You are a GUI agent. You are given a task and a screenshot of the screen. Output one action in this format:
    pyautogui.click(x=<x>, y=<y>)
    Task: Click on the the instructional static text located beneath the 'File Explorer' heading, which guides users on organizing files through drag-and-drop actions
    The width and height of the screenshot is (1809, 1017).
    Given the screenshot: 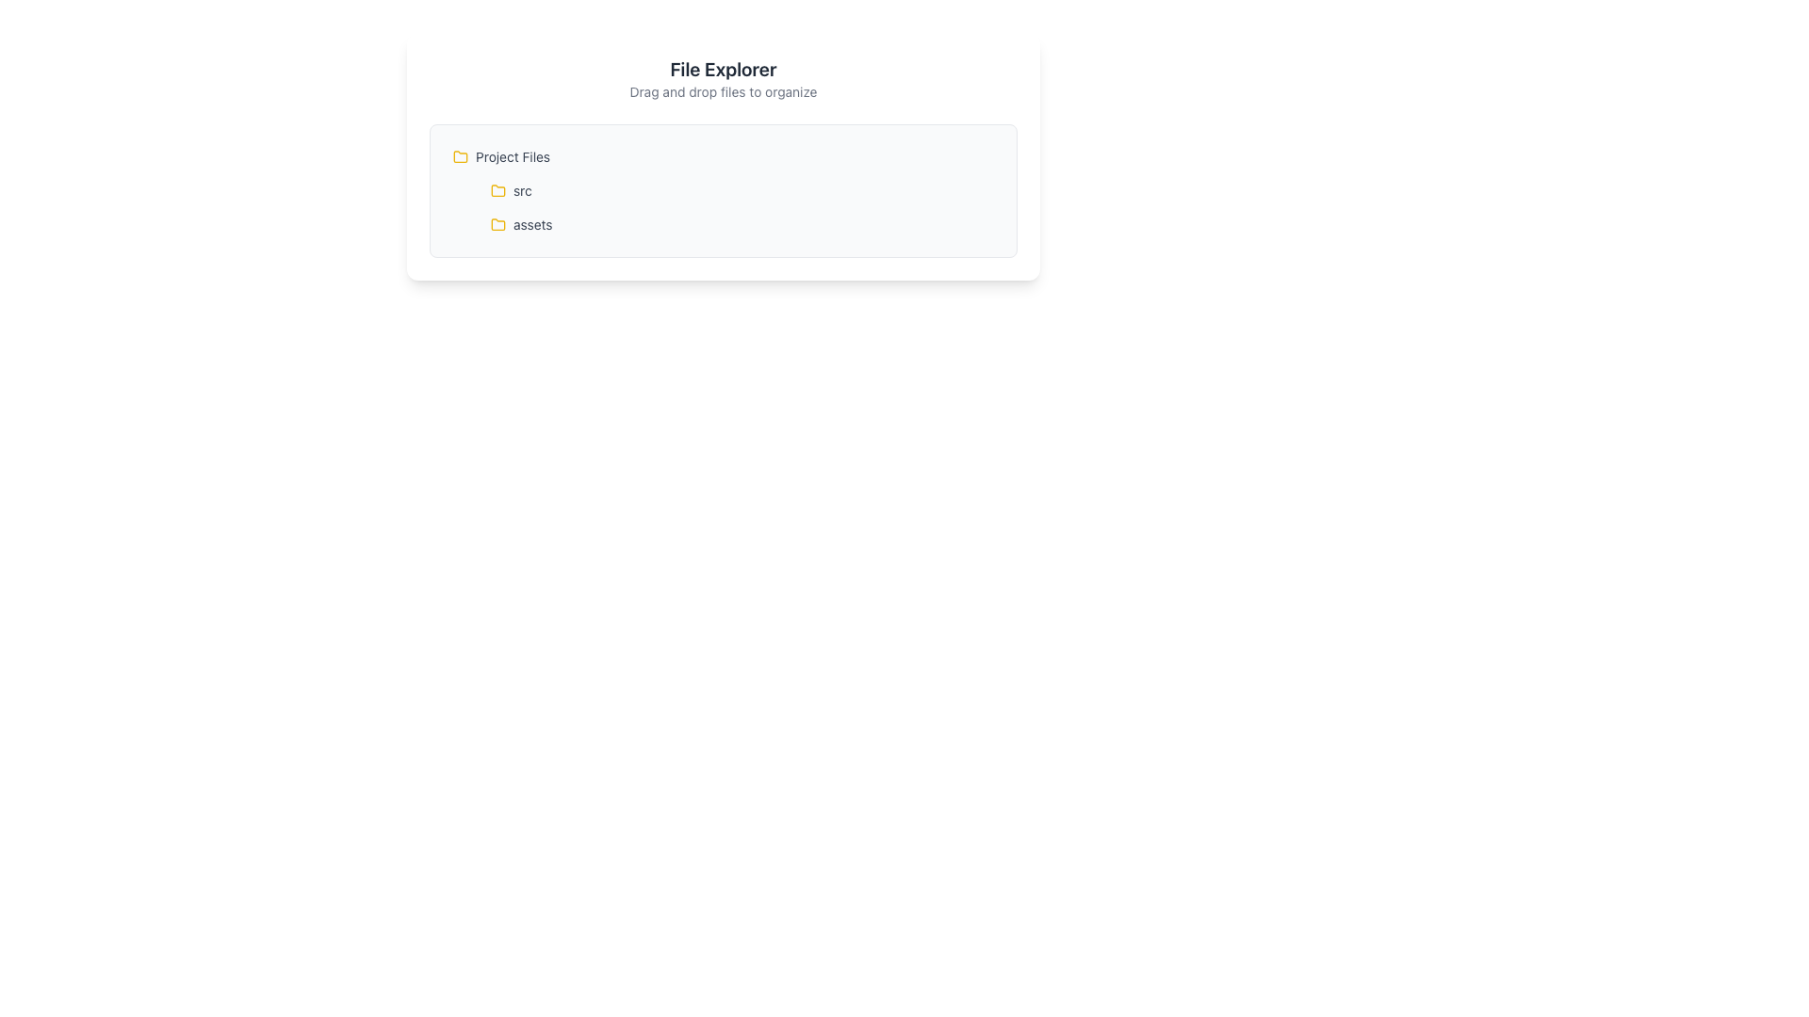 What is the action you would take?
    pyautogui.click(x=723, y=91)
    